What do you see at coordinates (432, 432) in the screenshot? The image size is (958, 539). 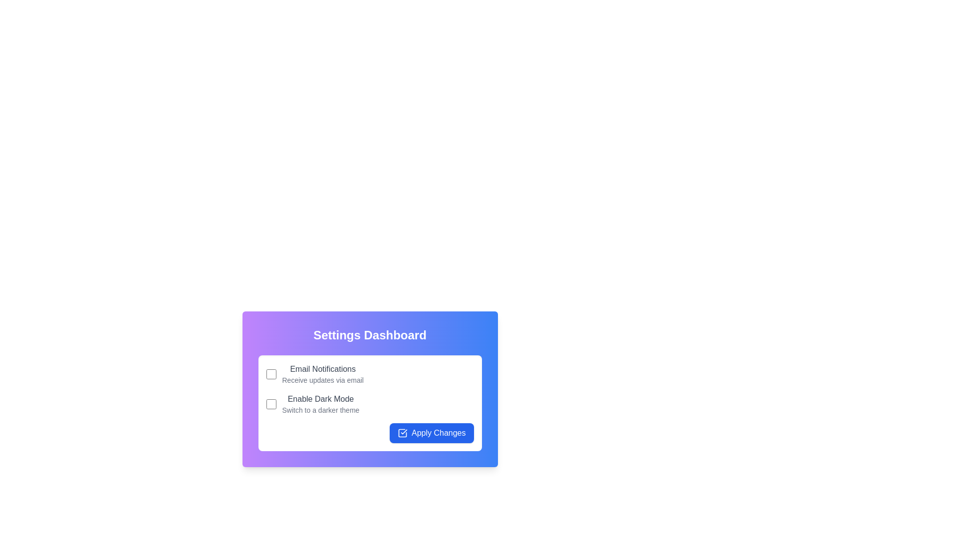 I see `the blue button with a checkmark icon and 'Apply Changes' text located at the bottom-right of the 'Settings Dashboard' card` at bounding box center [432, 432].